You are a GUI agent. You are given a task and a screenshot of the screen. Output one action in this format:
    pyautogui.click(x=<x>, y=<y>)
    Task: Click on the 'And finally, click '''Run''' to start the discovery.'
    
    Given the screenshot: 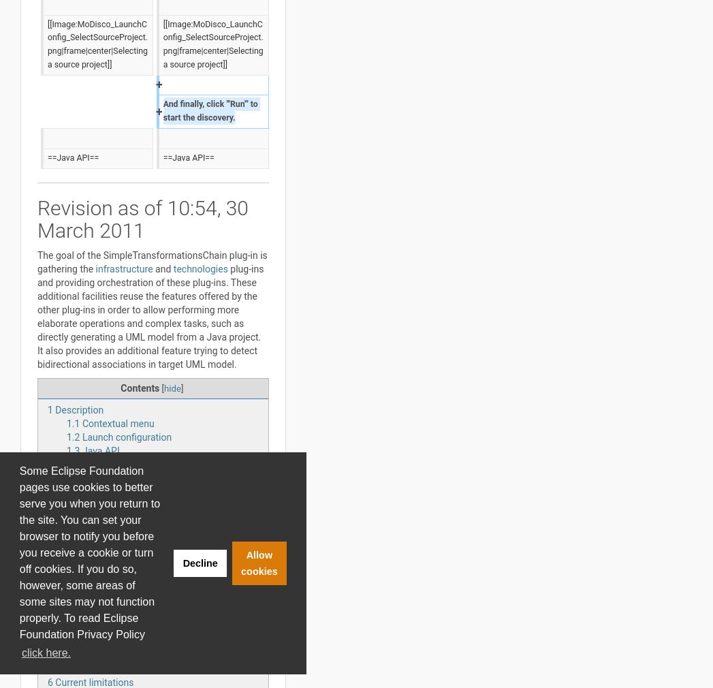 What is the action you would take?
    pyautogui.click(x=210, y=110)
    